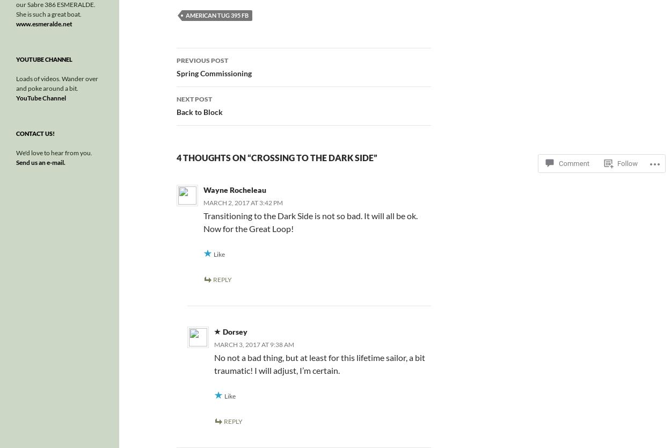 The height and width of the screenshot is (448, 671). I want to click on 'Wayne Rocheleau', so click(234, 189).